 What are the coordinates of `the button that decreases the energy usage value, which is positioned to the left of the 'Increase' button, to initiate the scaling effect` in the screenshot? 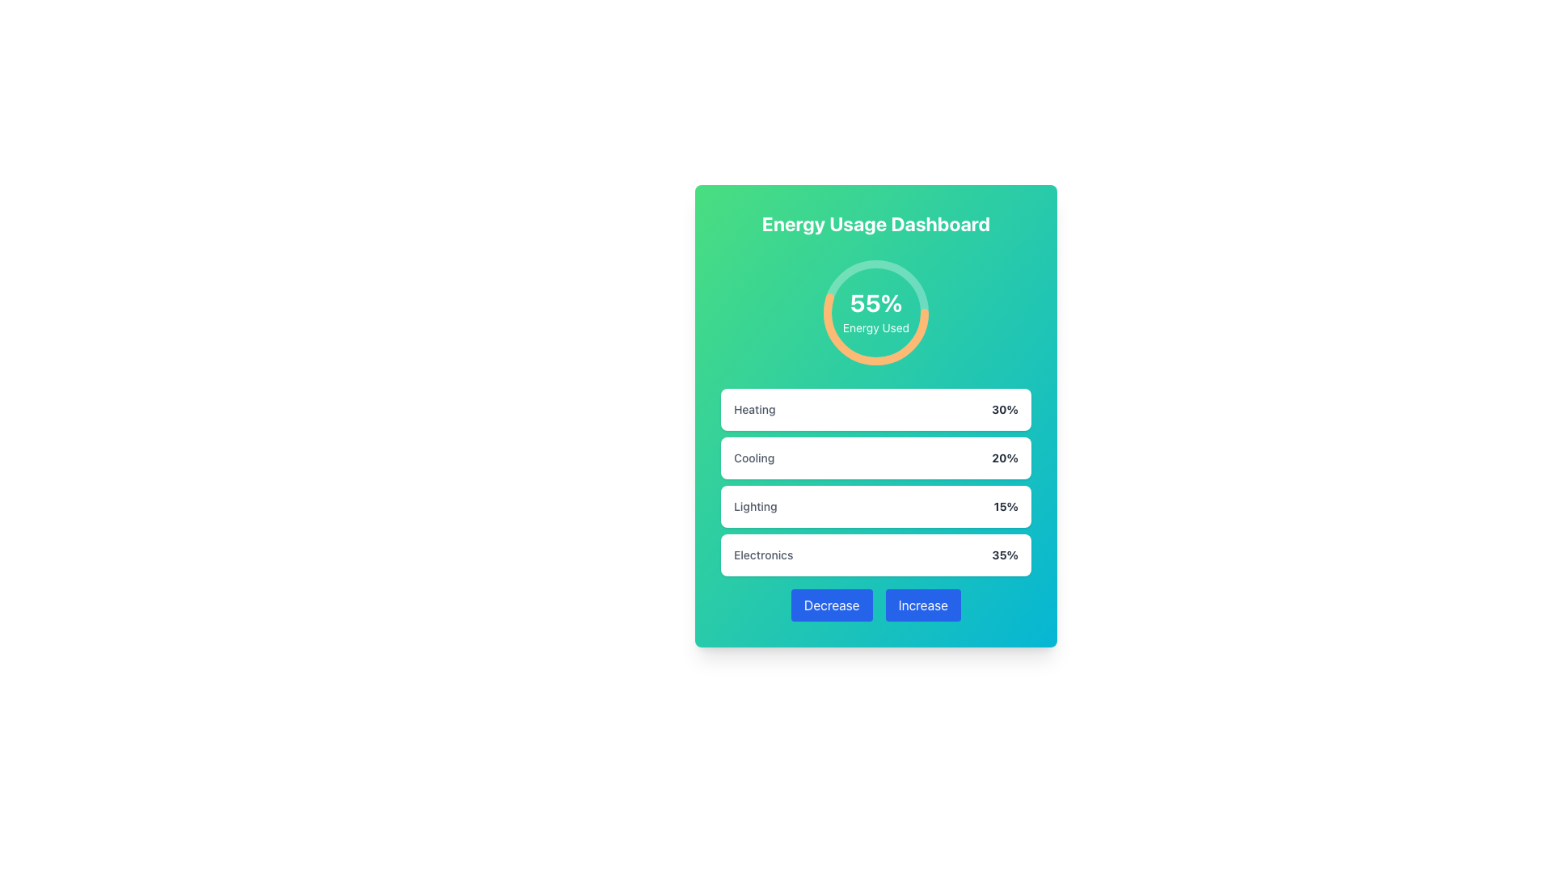 It's located at (832, 605).